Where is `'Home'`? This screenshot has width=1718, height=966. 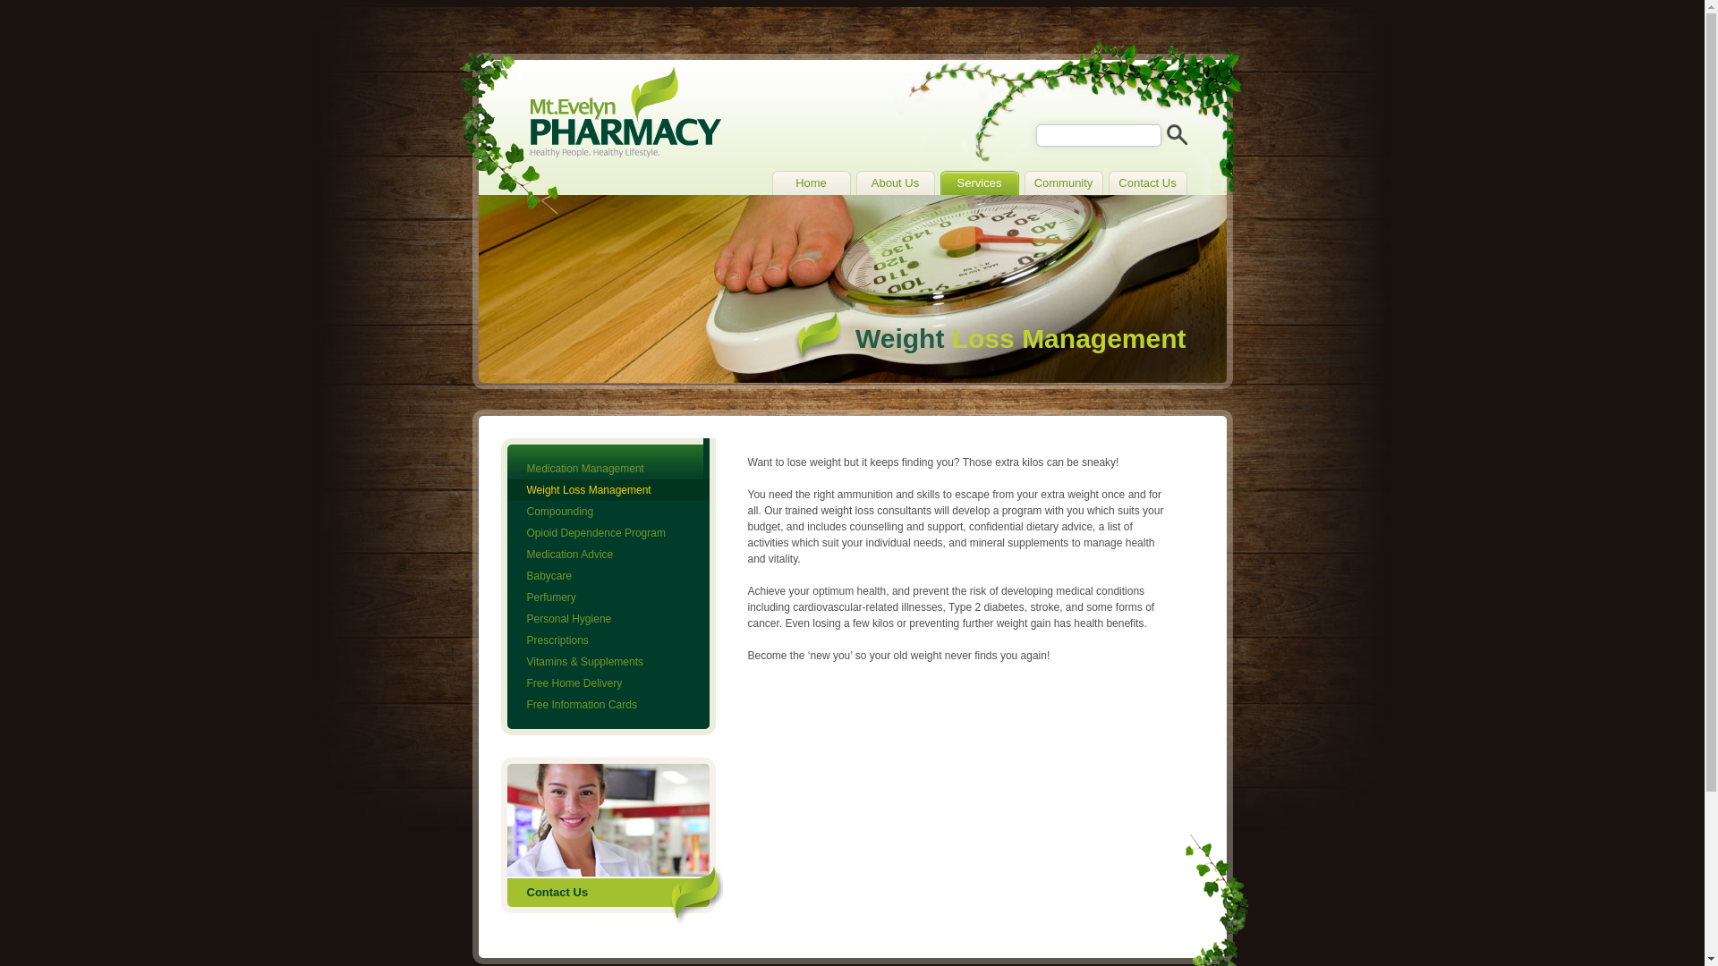 'Home' is located at coordinates (810, 182).